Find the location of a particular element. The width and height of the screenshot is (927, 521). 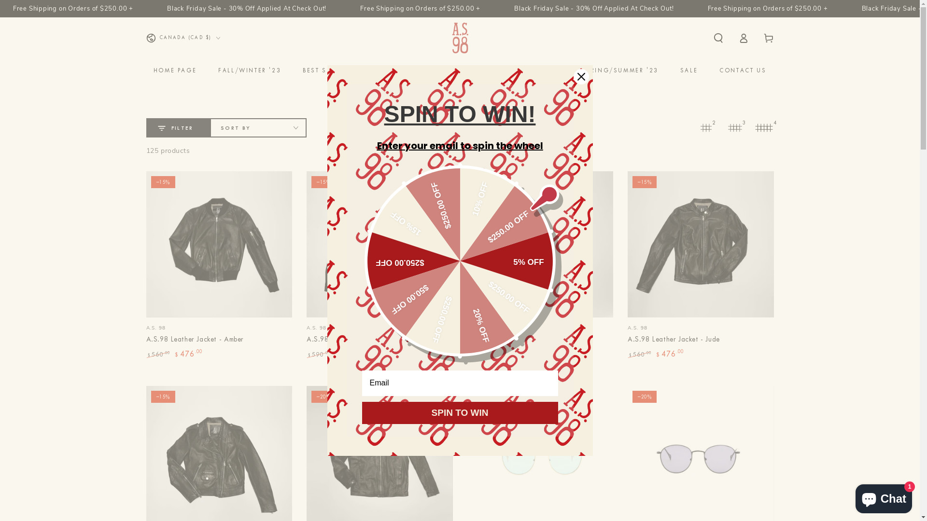

'FALL/WINTER '23' is located at coordinates (250, 69).